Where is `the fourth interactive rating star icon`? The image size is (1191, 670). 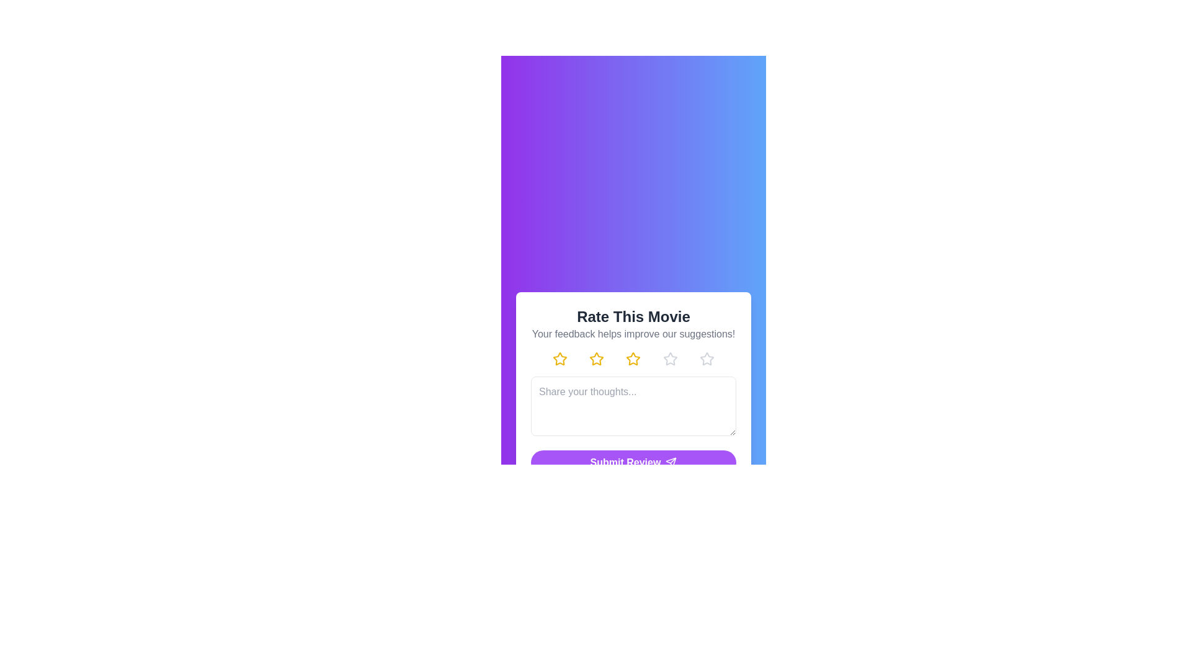 the fourth interactive rating star icon is located at coordinates (669, 359).